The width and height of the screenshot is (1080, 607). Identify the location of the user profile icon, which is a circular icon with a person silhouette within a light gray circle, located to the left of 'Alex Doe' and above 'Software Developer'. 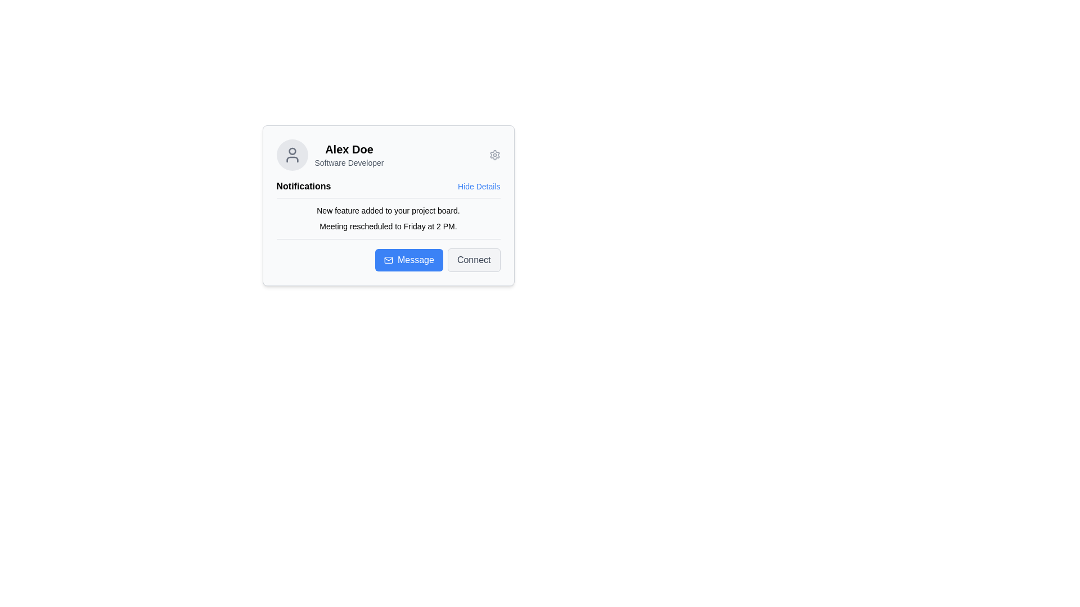
(292, 155).